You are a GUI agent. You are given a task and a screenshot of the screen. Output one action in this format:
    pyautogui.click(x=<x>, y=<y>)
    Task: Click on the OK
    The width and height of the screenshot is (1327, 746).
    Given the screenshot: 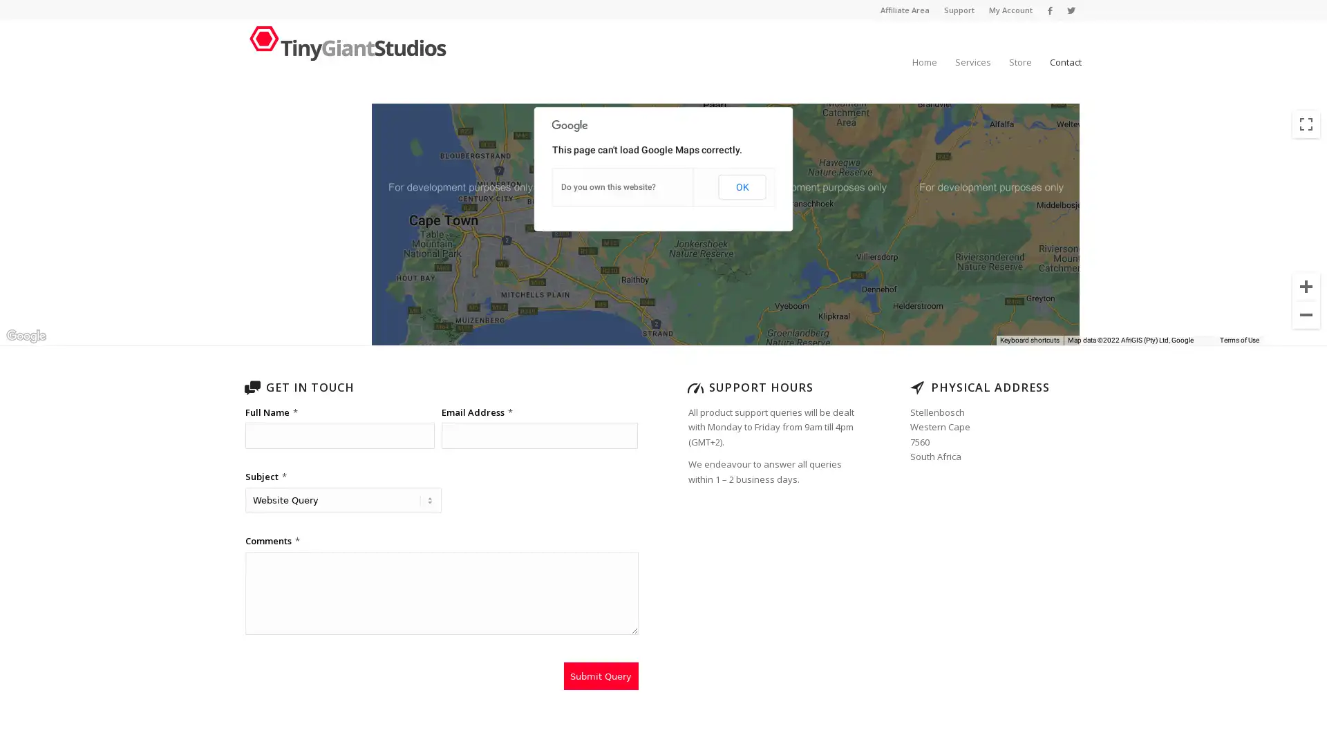 What is the action you would take?
    pyautogui.click(x=741, y=186)
    